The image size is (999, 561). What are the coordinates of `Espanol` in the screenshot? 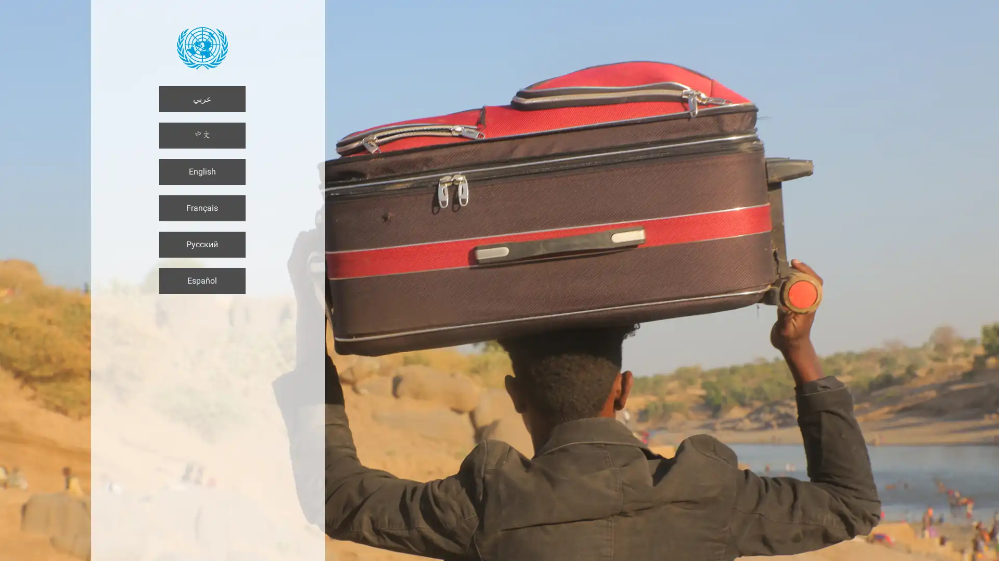 It's located at (202, 280).